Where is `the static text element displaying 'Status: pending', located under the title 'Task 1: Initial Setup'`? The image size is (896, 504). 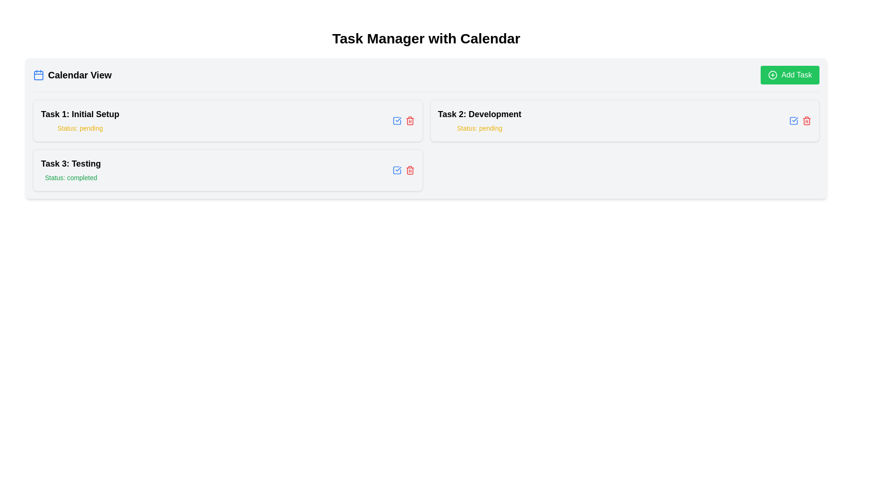
the static text element displaying 'Status: pending', located under the title 'Task 1: Initial Setup' is located at coordinates (80, 128).